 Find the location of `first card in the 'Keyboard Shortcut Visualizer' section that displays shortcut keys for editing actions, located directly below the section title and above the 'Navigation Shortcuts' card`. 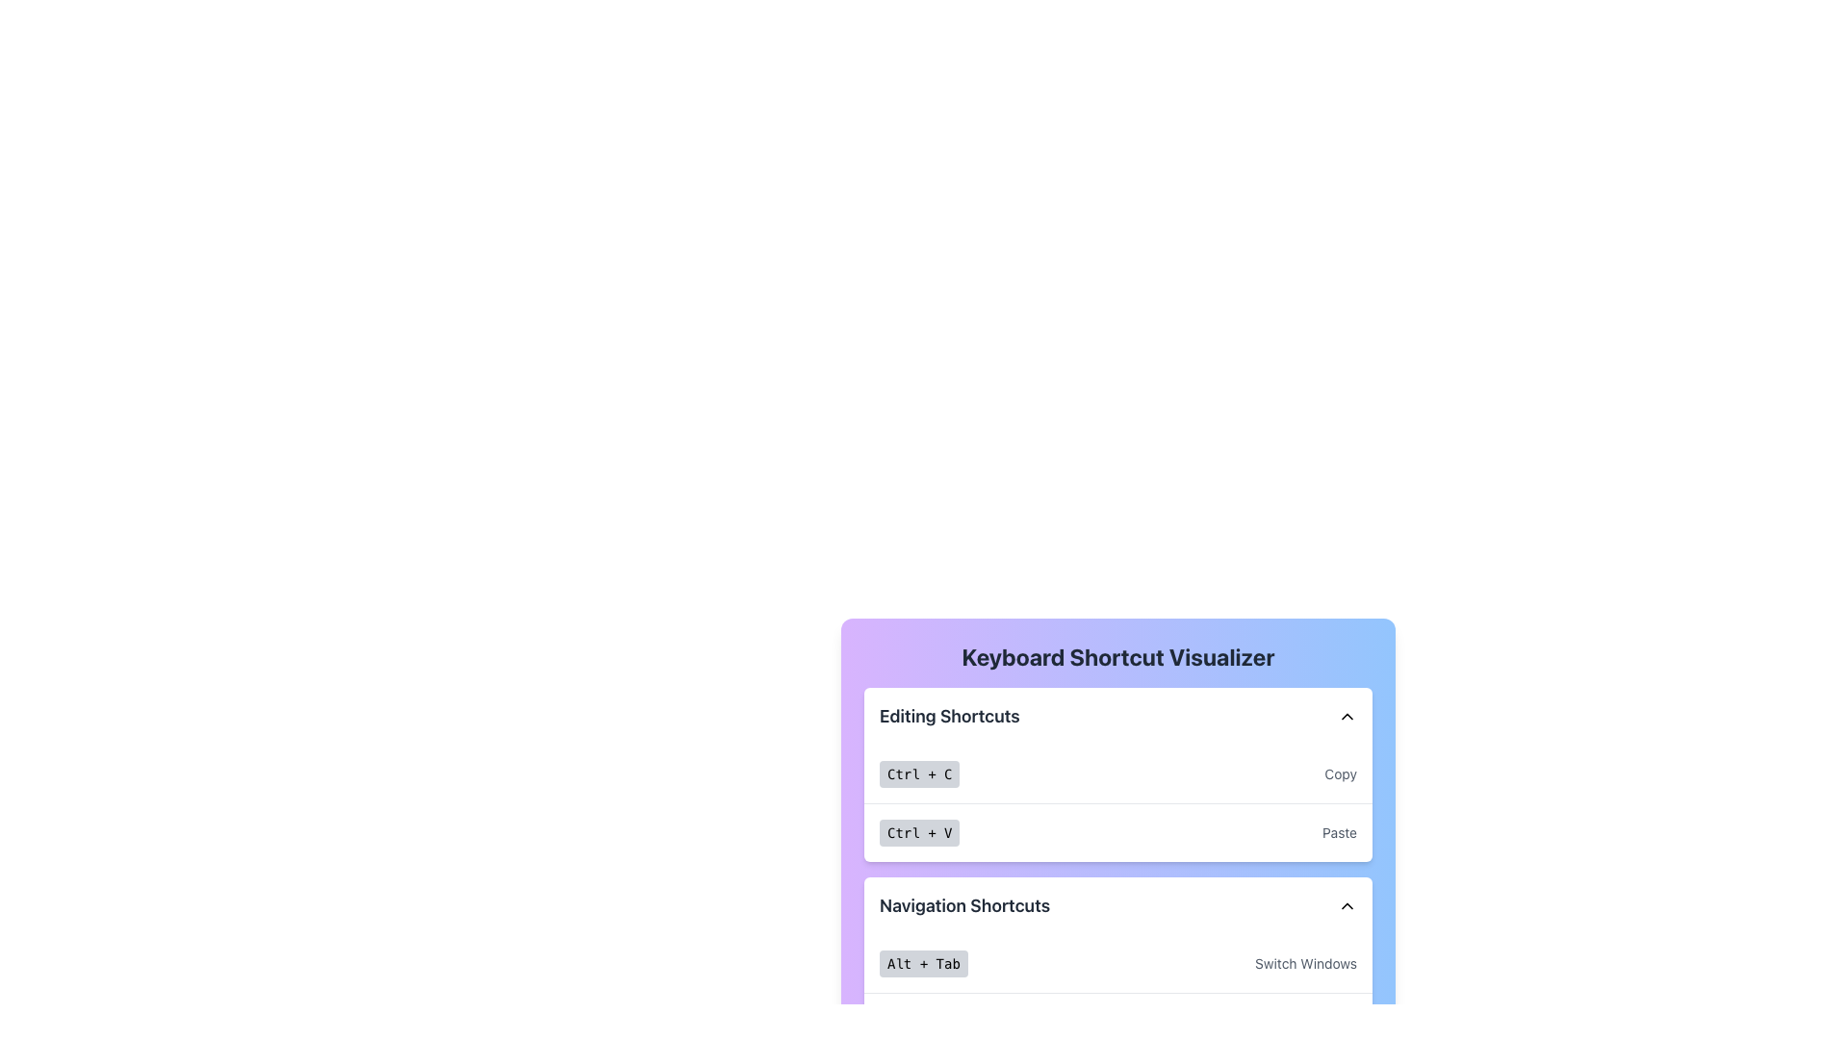

first card in the 'Keyboard Shortcut Visualizer' section that displays shortcut keys for editing actions, located directly below the section title and above the 'Navigation Shortcuts' card is located at coordinates (1117, 773).